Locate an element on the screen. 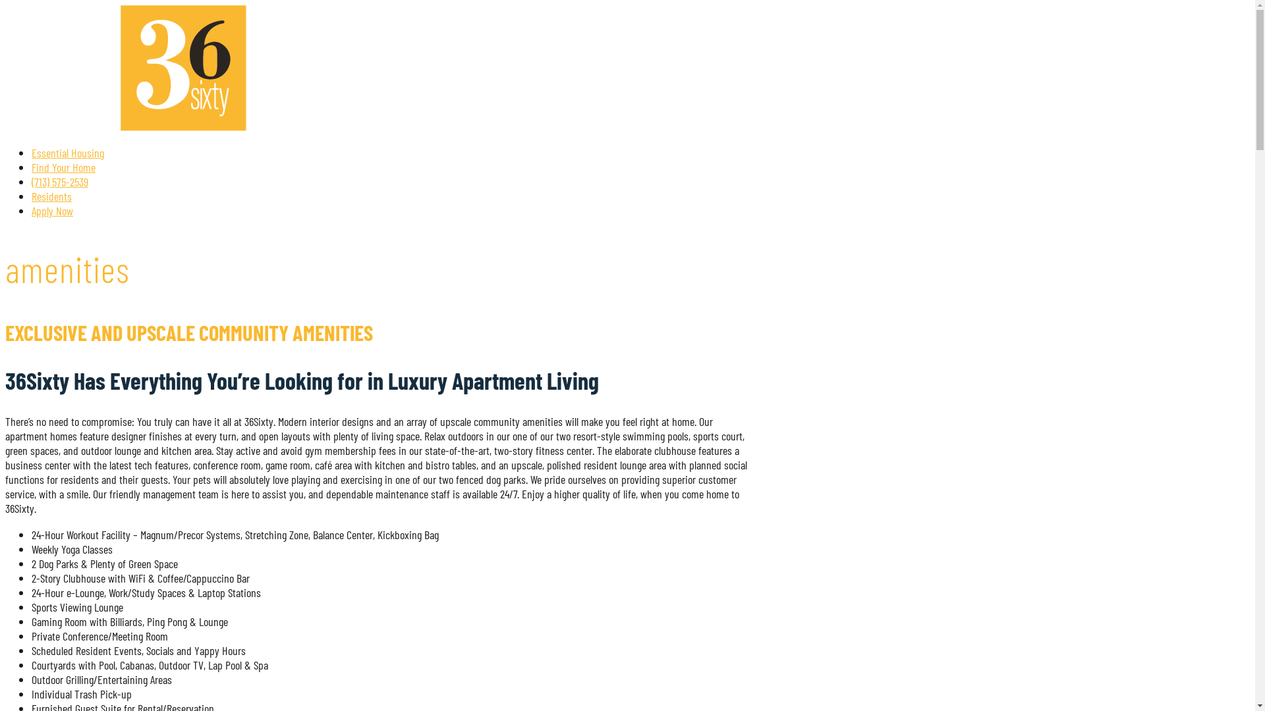 Image resolution: width=1265 pixels, height=711 pixels. 'Residents' is located at coordinates (51, 196).